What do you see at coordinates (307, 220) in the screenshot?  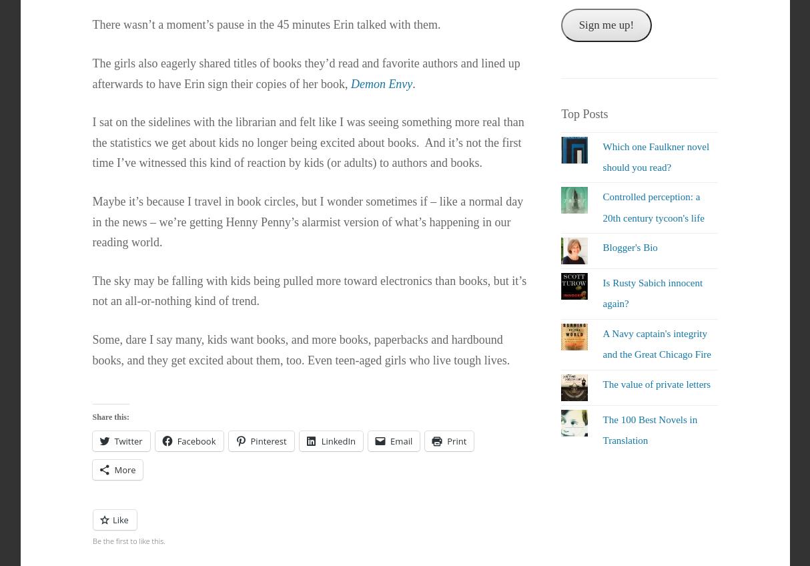 I see `'Maybe it’s because I travel in book circles, but I wonder sometimes if – like a normal day in the news – we’re getting Henny Penny’s alarmist version of what’s happening in our reading world.'` at bounding box center [307, 220].